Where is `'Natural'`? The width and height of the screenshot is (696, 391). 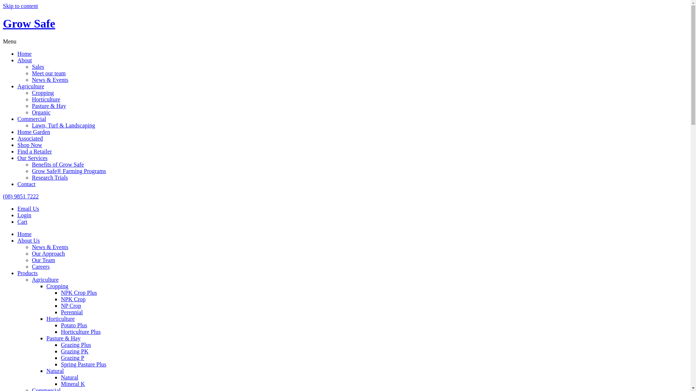
'Natural' is located at coordinates (61, 377).